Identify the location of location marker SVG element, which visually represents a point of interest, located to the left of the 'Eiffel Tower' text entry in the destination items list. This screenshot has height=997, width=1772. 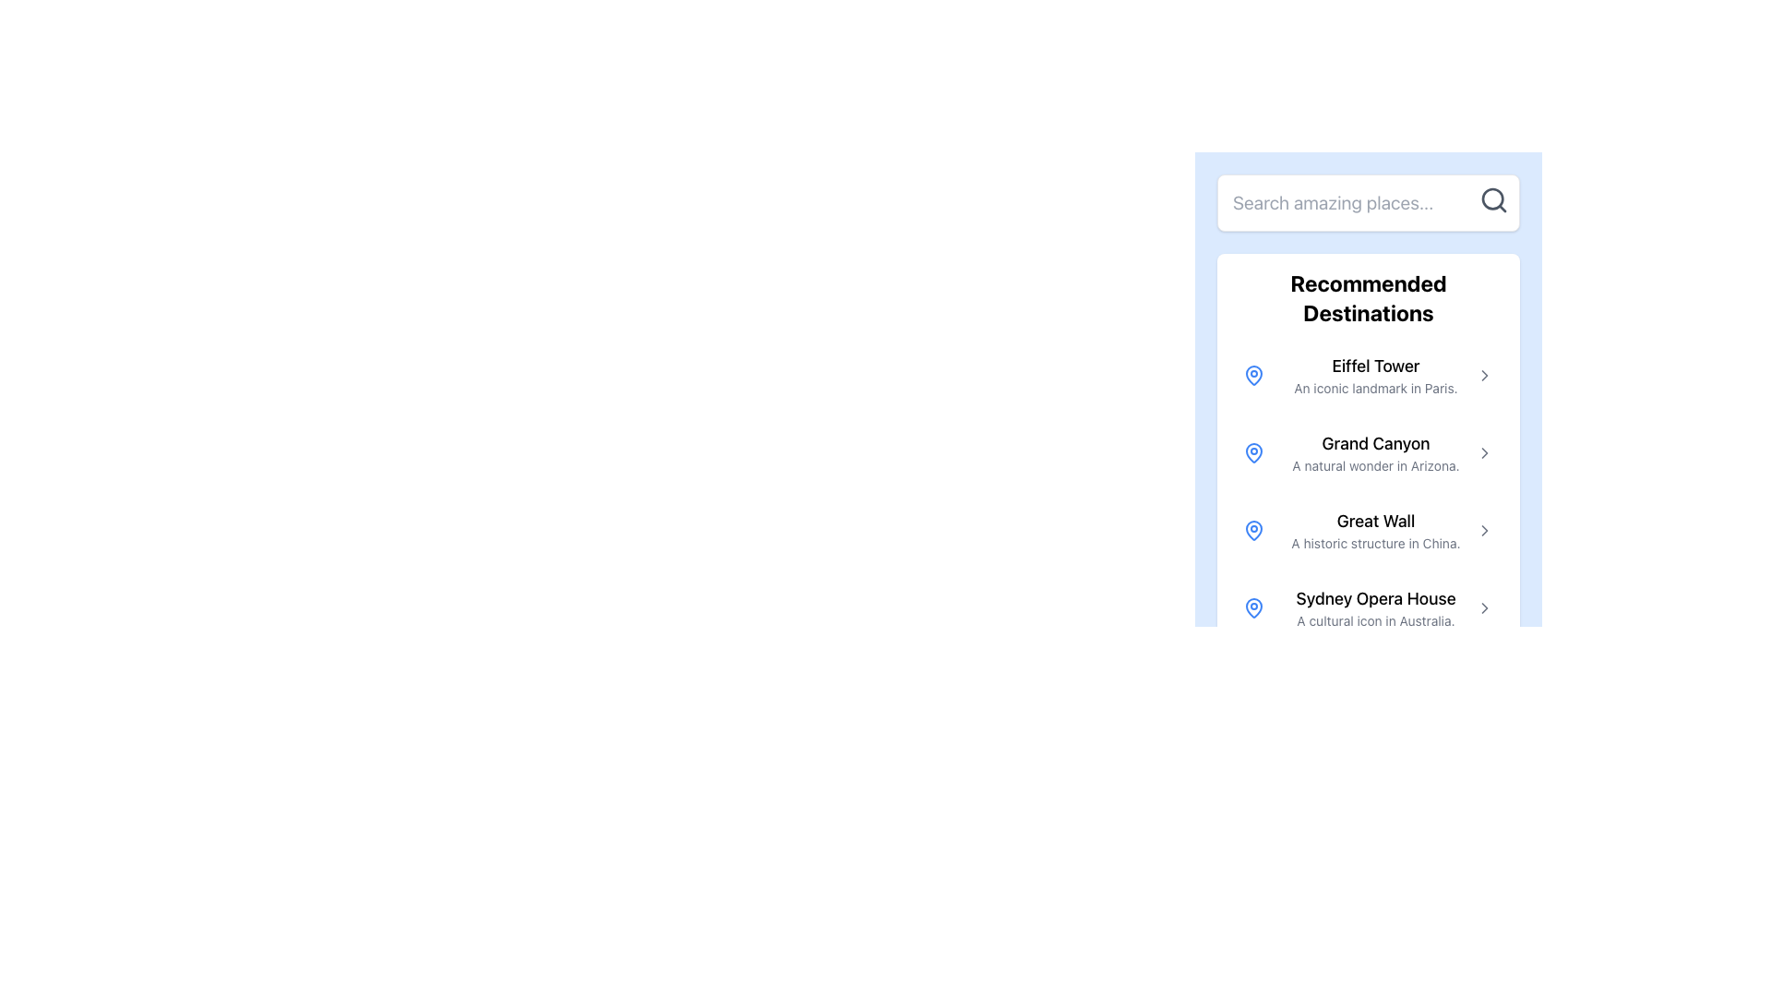
(1253, 607).